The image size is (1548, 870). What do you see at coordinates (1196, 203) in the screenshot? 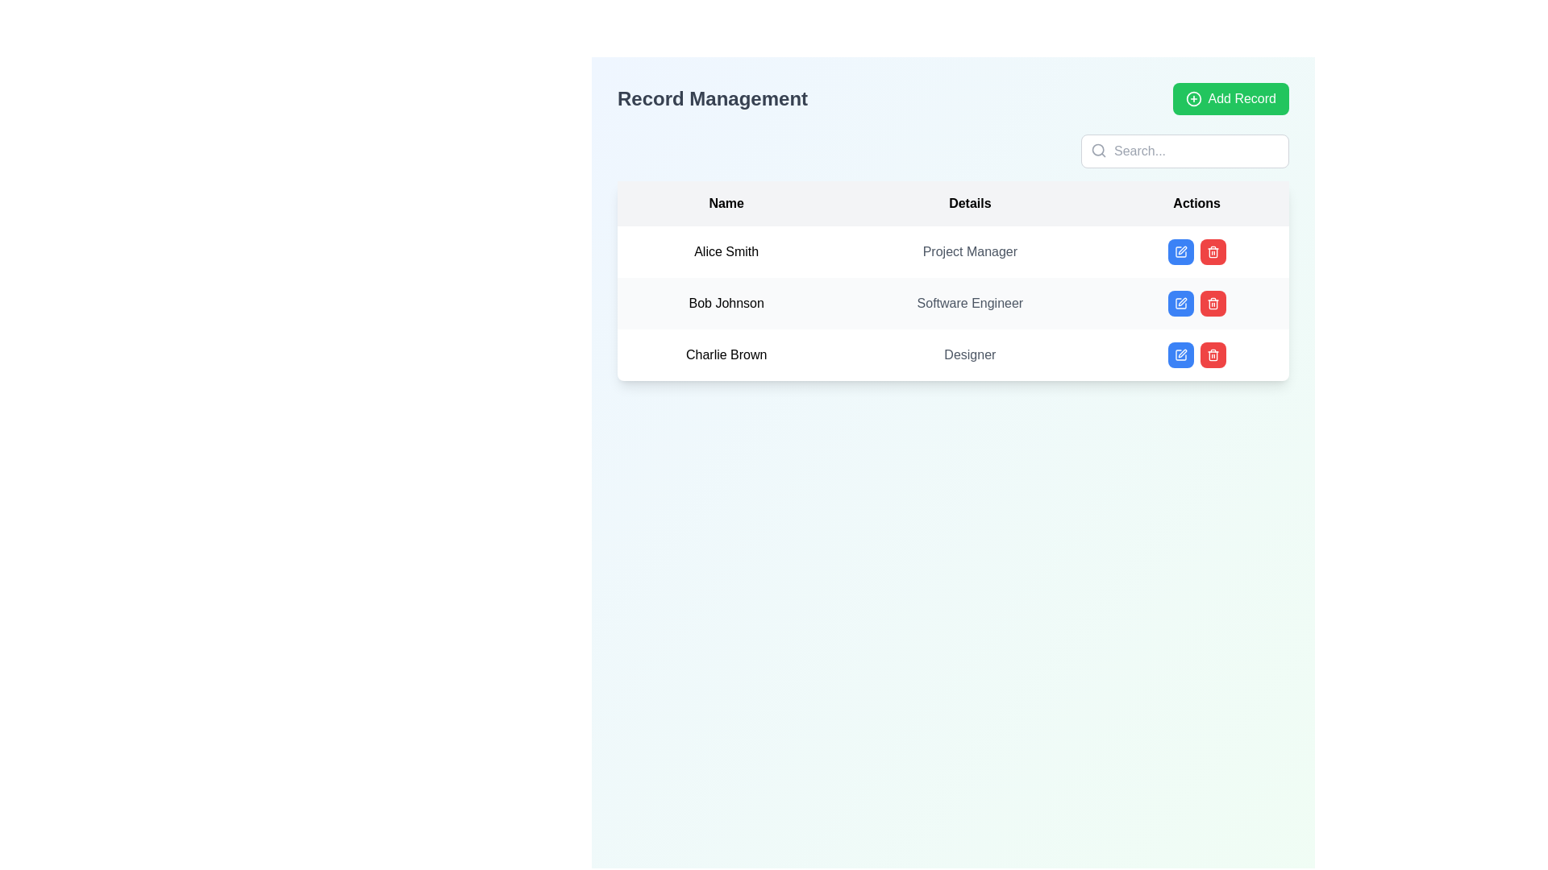
I see `the third column header text label in the table that indicates the purpose of the column, which is located to the right of the 'Name' and 'Details' columns` at bounding box center [1196, 203].